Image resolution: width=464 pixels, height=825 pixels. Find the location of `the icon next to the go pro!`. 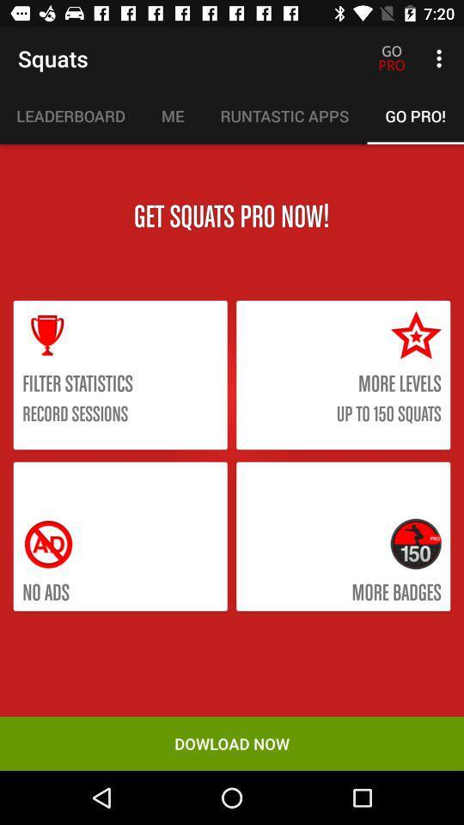

the icon next to the go pro! is located at coordinates (284, 115).